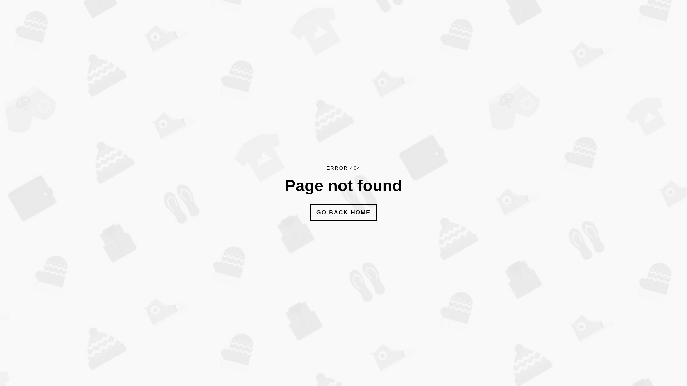  What do you see at coordinates (343, 212) in the screenshot?
I see `'GO BACK HOME'` at bounding box center [343, 212].